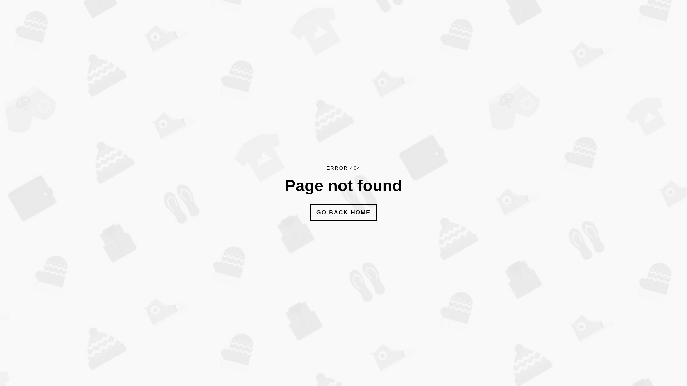  What do you see at coordinates (343, 212) in the screenshot?
I see `'GO BACK HOME'` at bounding box center [343, 212].